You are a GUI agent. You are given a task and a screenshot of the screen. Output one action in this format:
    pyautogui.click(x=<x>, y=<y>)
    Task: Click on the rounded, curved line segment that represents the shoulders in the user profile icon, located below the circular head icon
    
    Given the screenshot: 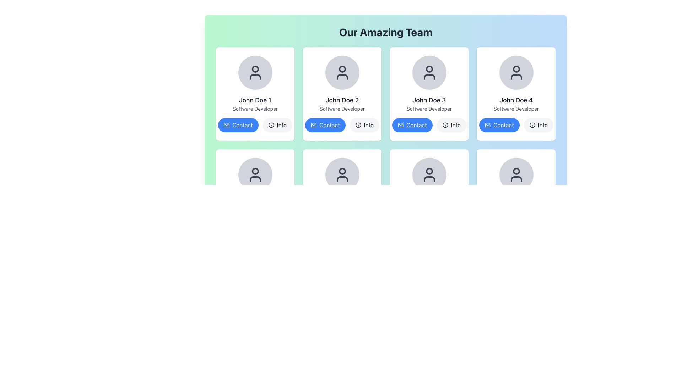 What is the action you would take?
    pyautogui.click(x=429, y=179)
    